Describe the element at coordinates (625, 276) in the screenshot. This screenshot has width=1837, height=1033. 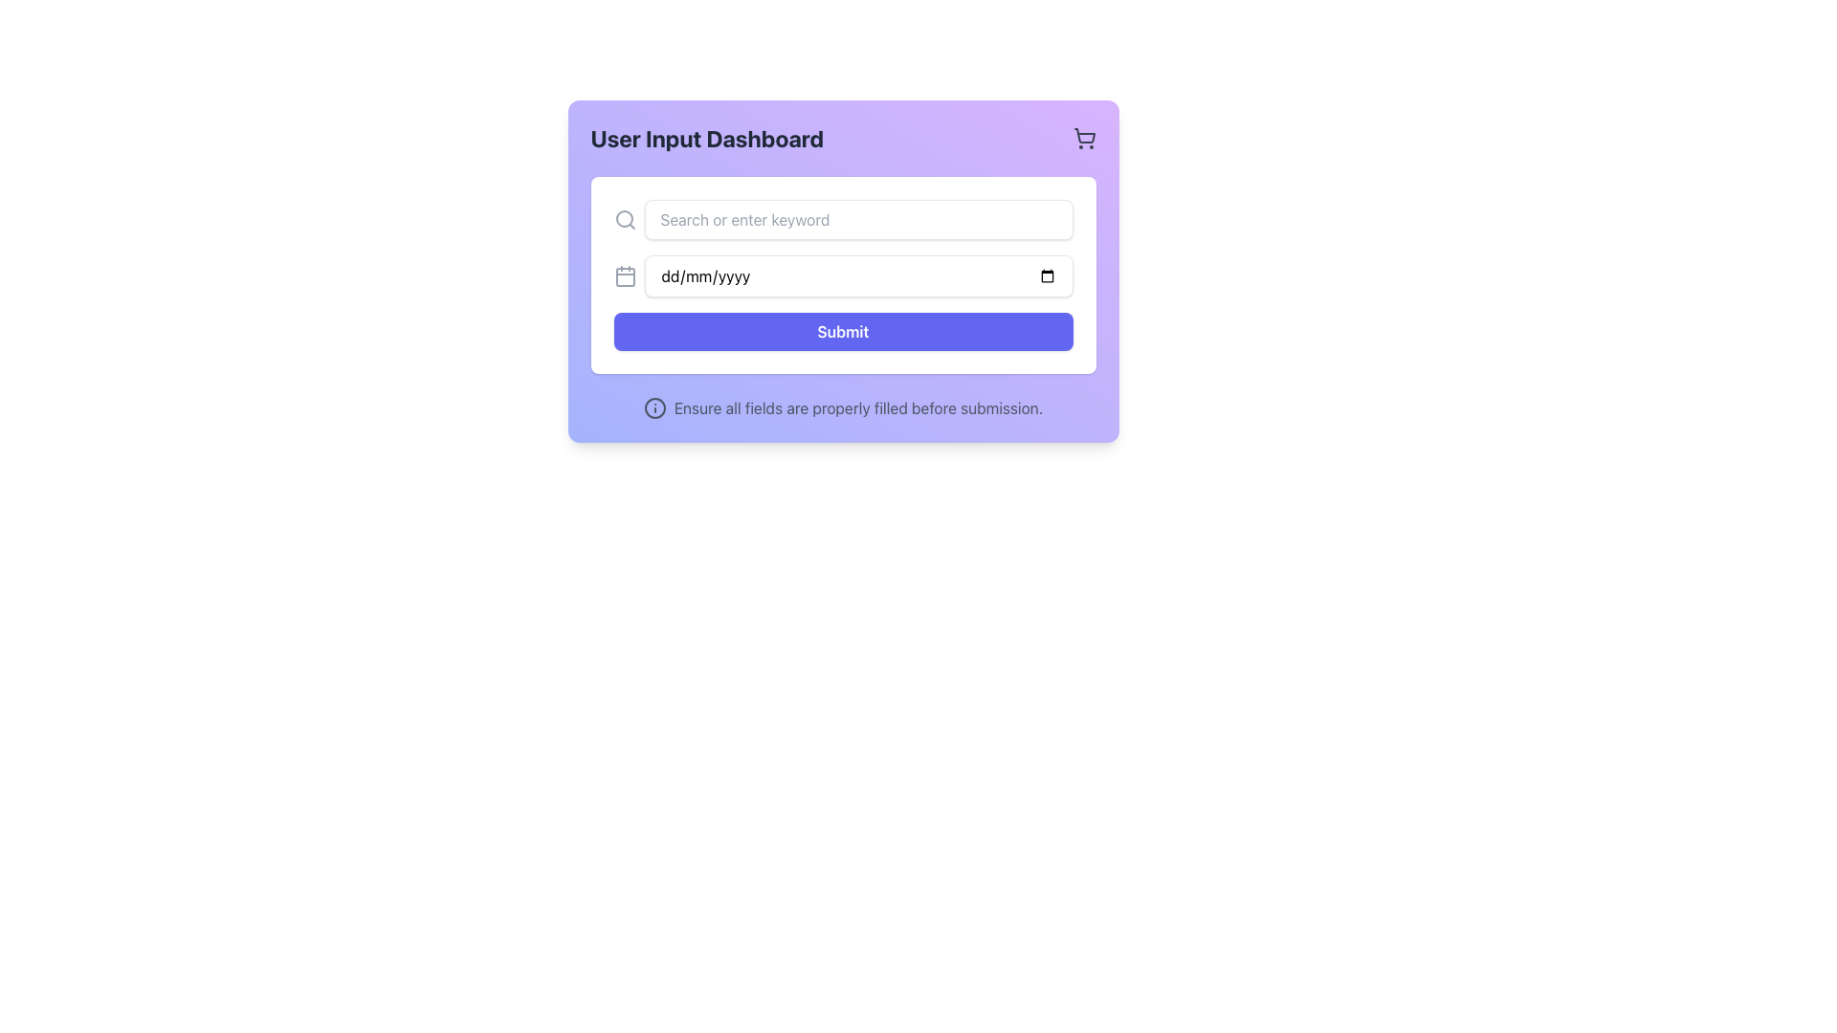
I see `the calendar icon, which is a grayscale icon with a square outline and two vertical lines, located to the left of the date input field` at that location.